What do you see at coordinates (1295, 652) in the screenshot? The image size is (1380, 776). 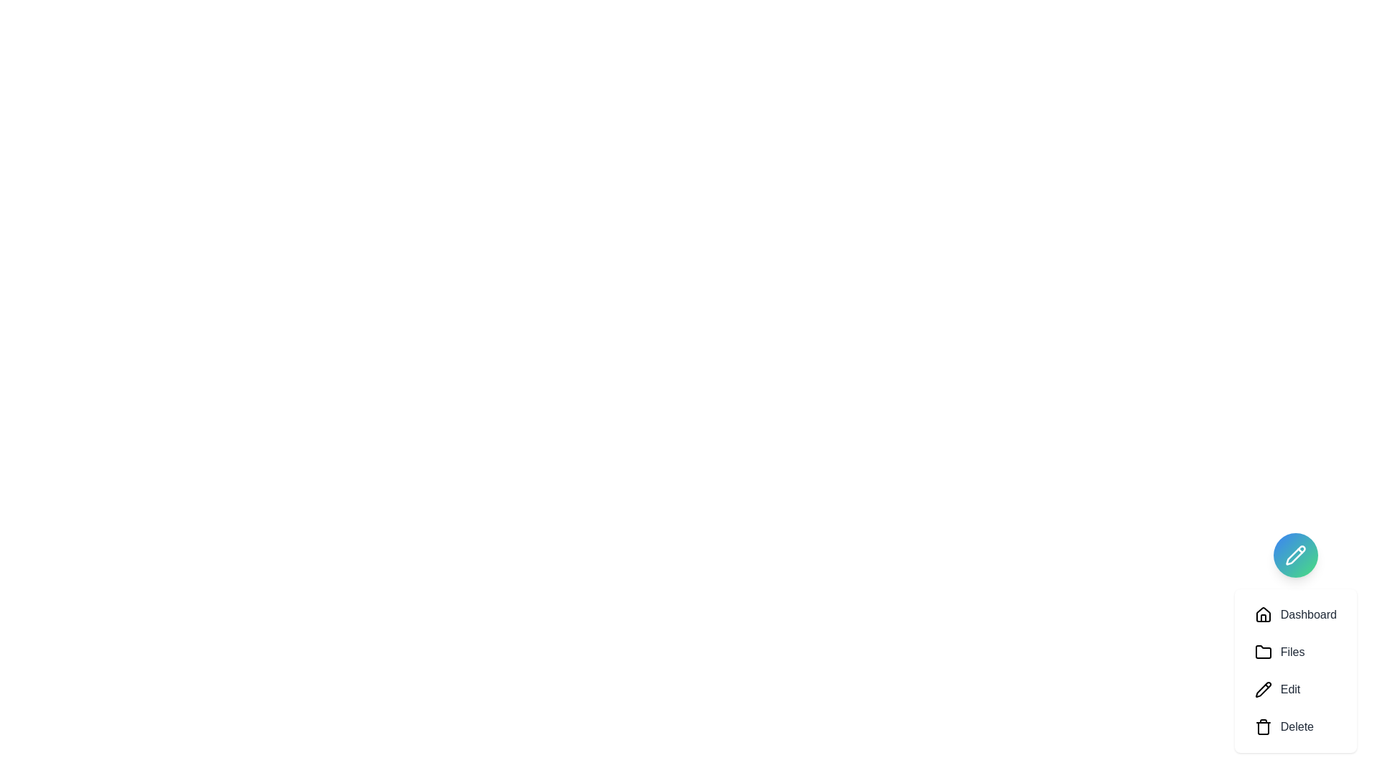 I see `the option Files from the speed dial menu` at bounding box center [1295, 652].